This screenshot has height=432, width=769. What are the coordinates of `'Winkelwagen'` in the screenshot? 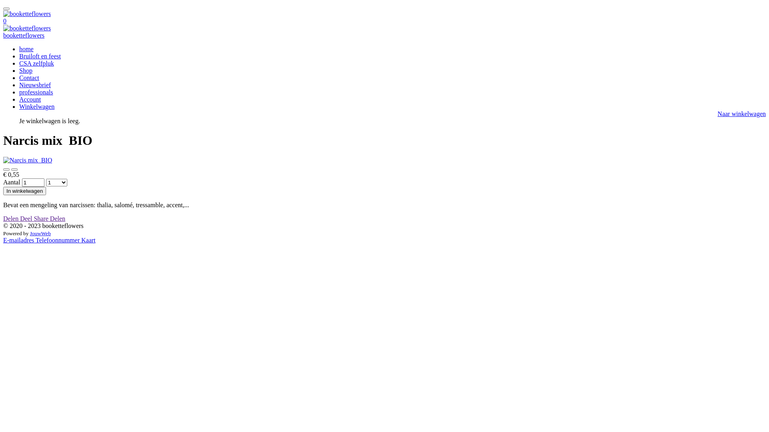 It's located at (36, 106).